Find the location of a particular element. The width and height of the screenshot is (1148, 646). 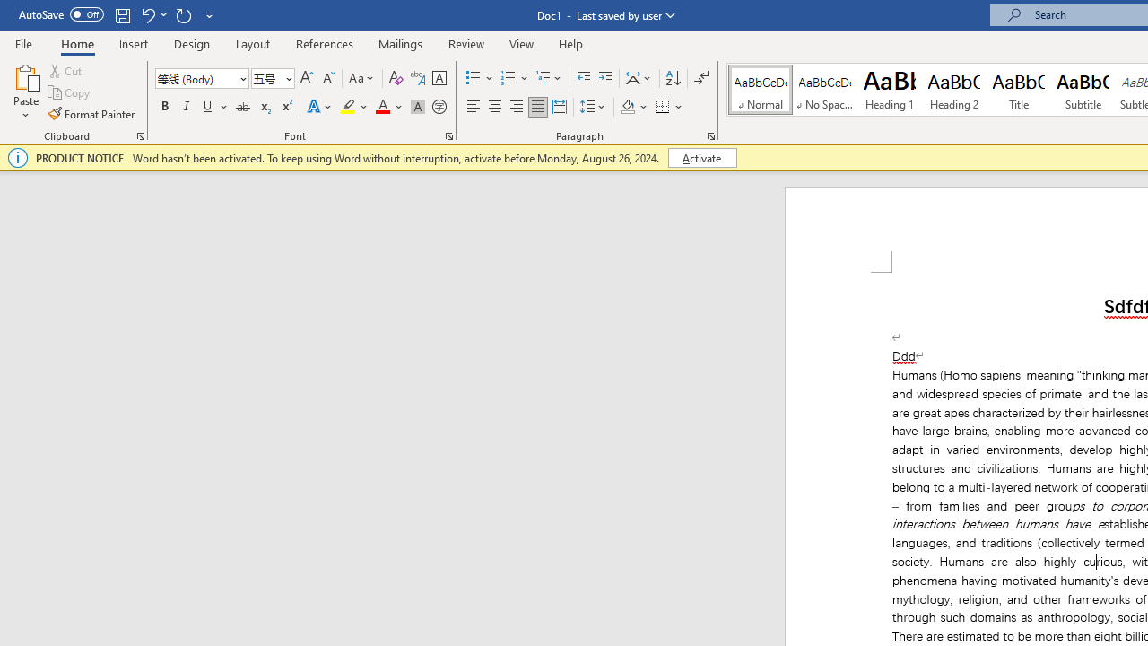

'Heading 2' is located at coordinates (952, 90).